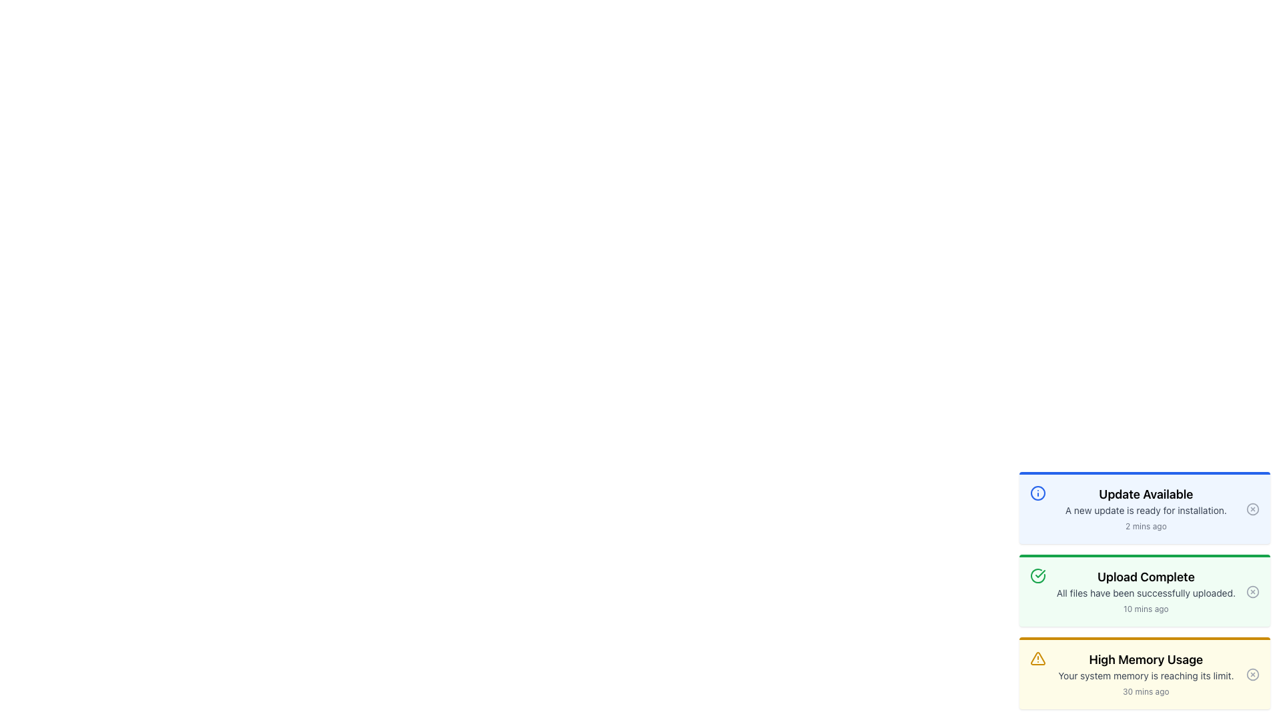  I want to click on the circular dismiss button with an outlined 'X' symbol located in the upper-right corner of the 'Update Available' notification card, so click(1252, 509).